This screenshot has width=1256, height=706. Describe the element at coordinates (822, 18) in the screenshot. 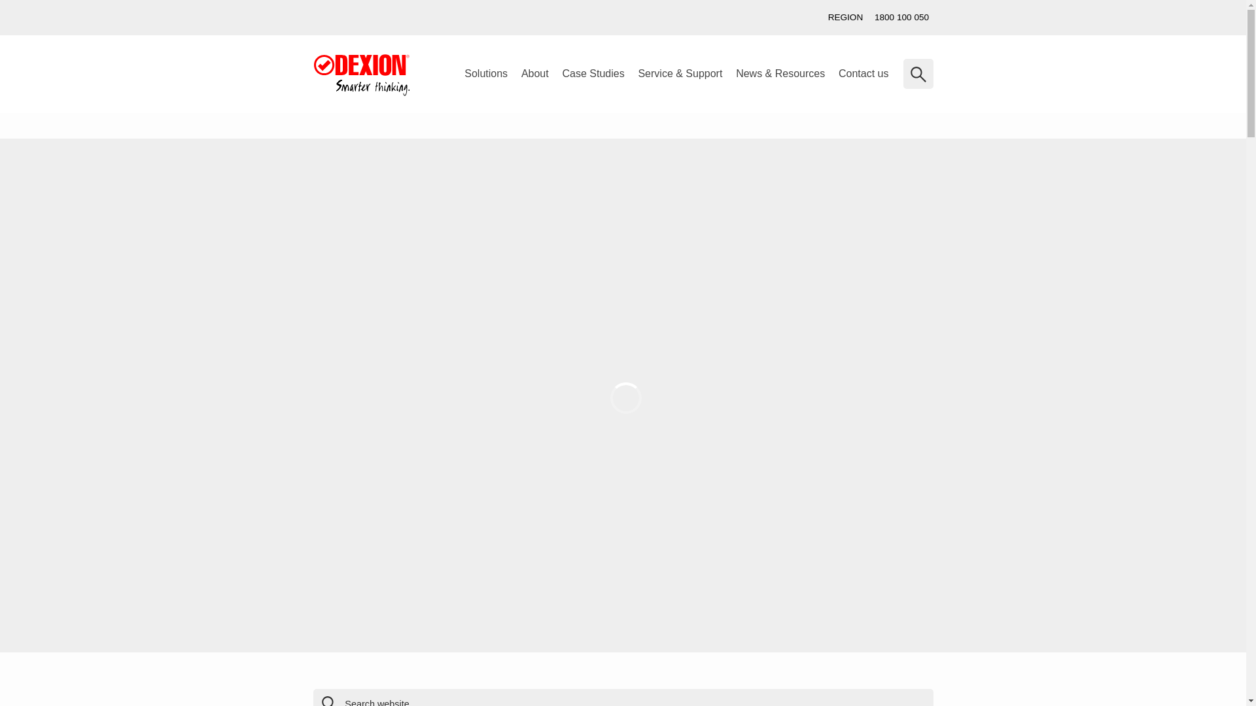

I see `'REGION'` at that location.